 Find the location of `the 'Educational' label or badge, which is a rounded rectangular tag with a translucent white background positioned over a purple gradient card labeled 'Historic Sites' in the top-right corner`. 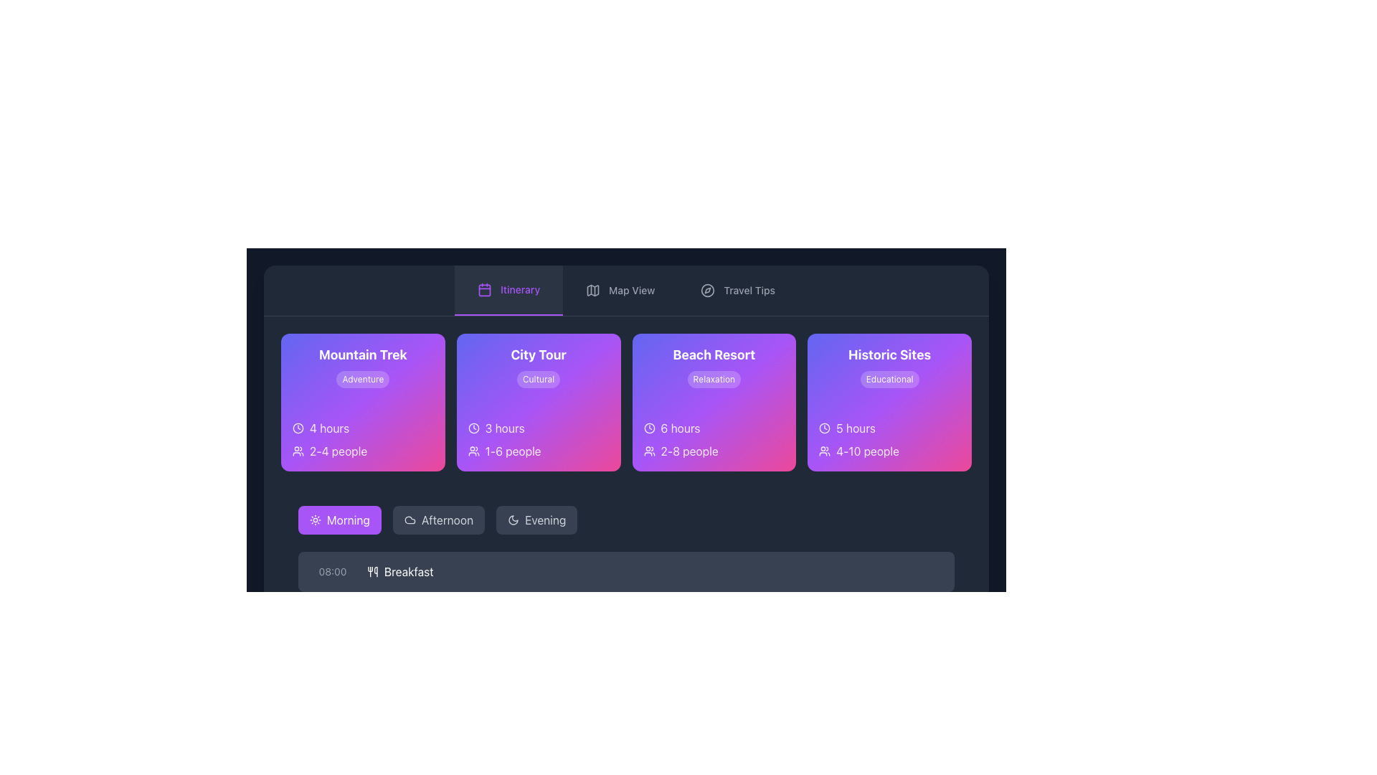

the 'Educational' label or badge, which is a rounded rectangular tag with a translucent white background positioned over a purple gradient card labeled 'Historic Sites' in the top-right corner is located at coordinates (889, 378).